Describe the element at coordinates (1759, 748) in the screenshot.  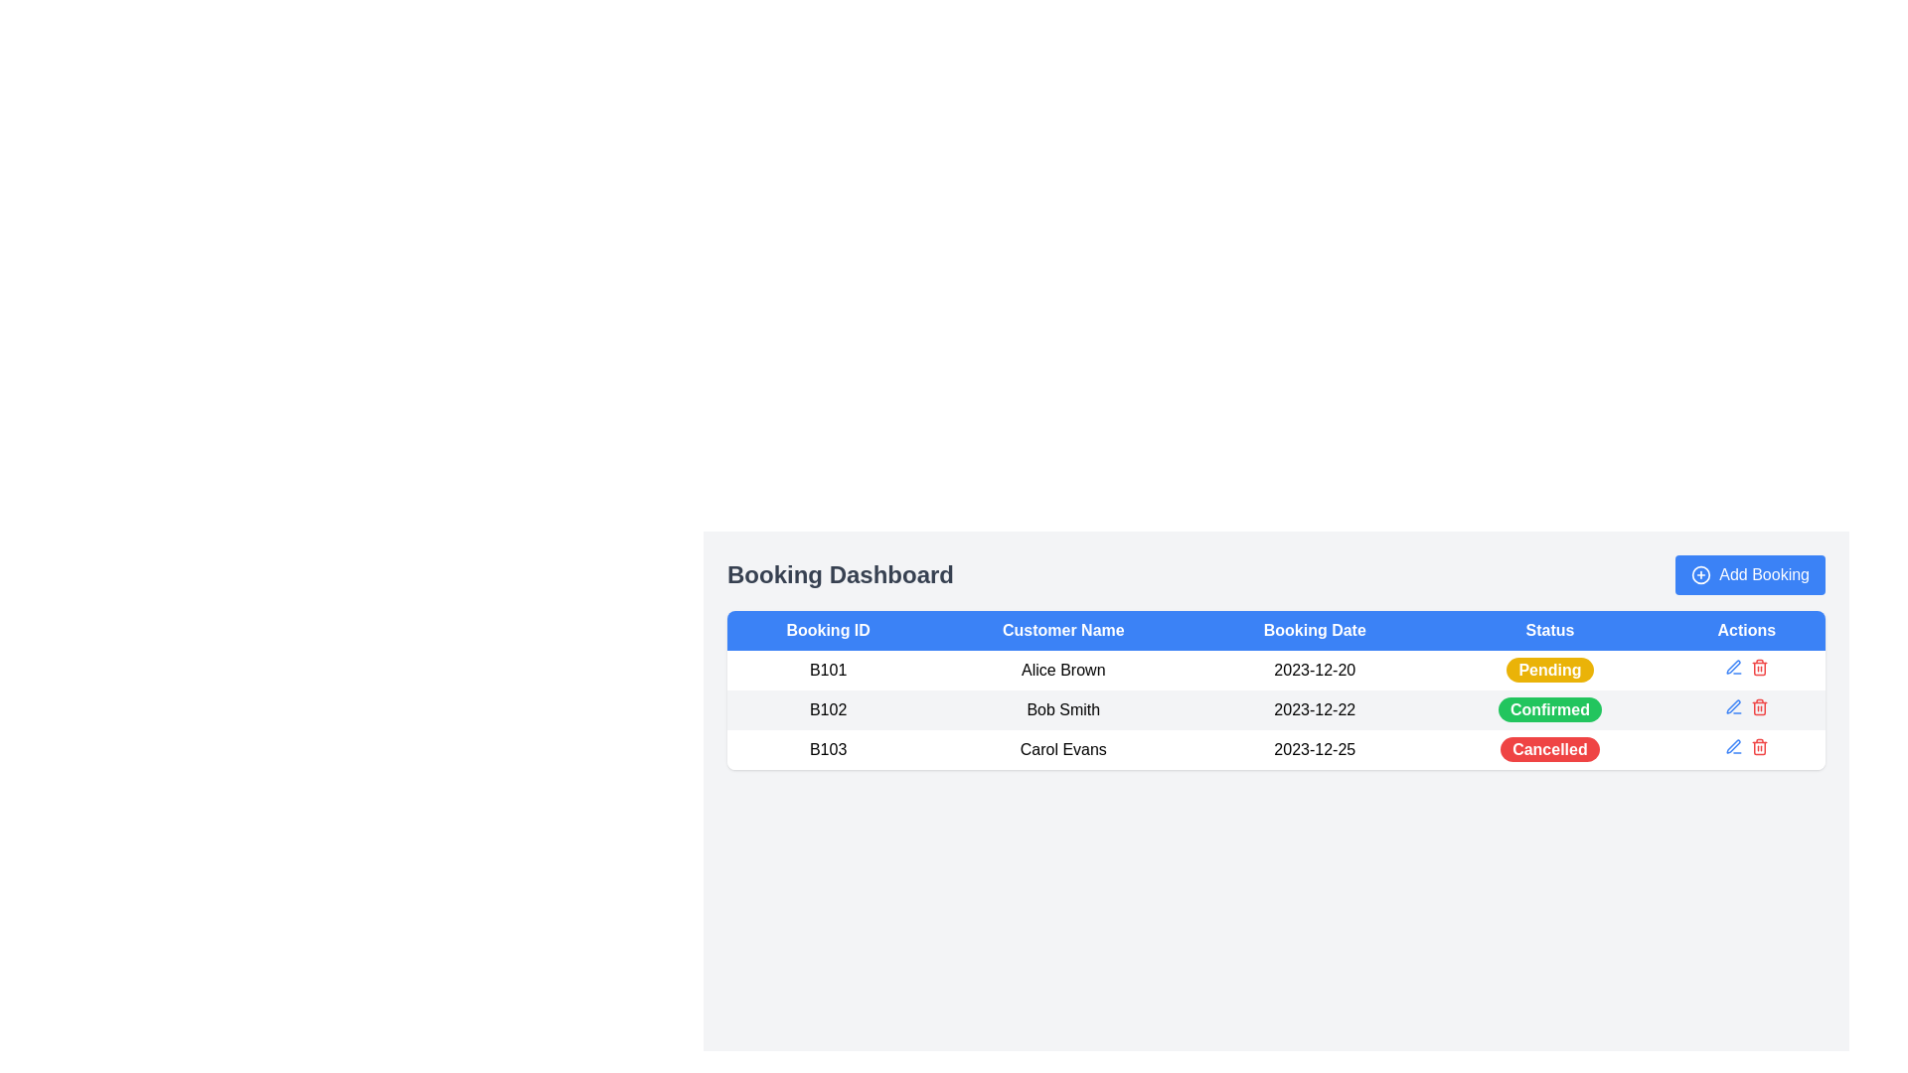
I see `the vertical rectangle that represents the boundary of the trash can icon located in the Actions column of the table` at that location.